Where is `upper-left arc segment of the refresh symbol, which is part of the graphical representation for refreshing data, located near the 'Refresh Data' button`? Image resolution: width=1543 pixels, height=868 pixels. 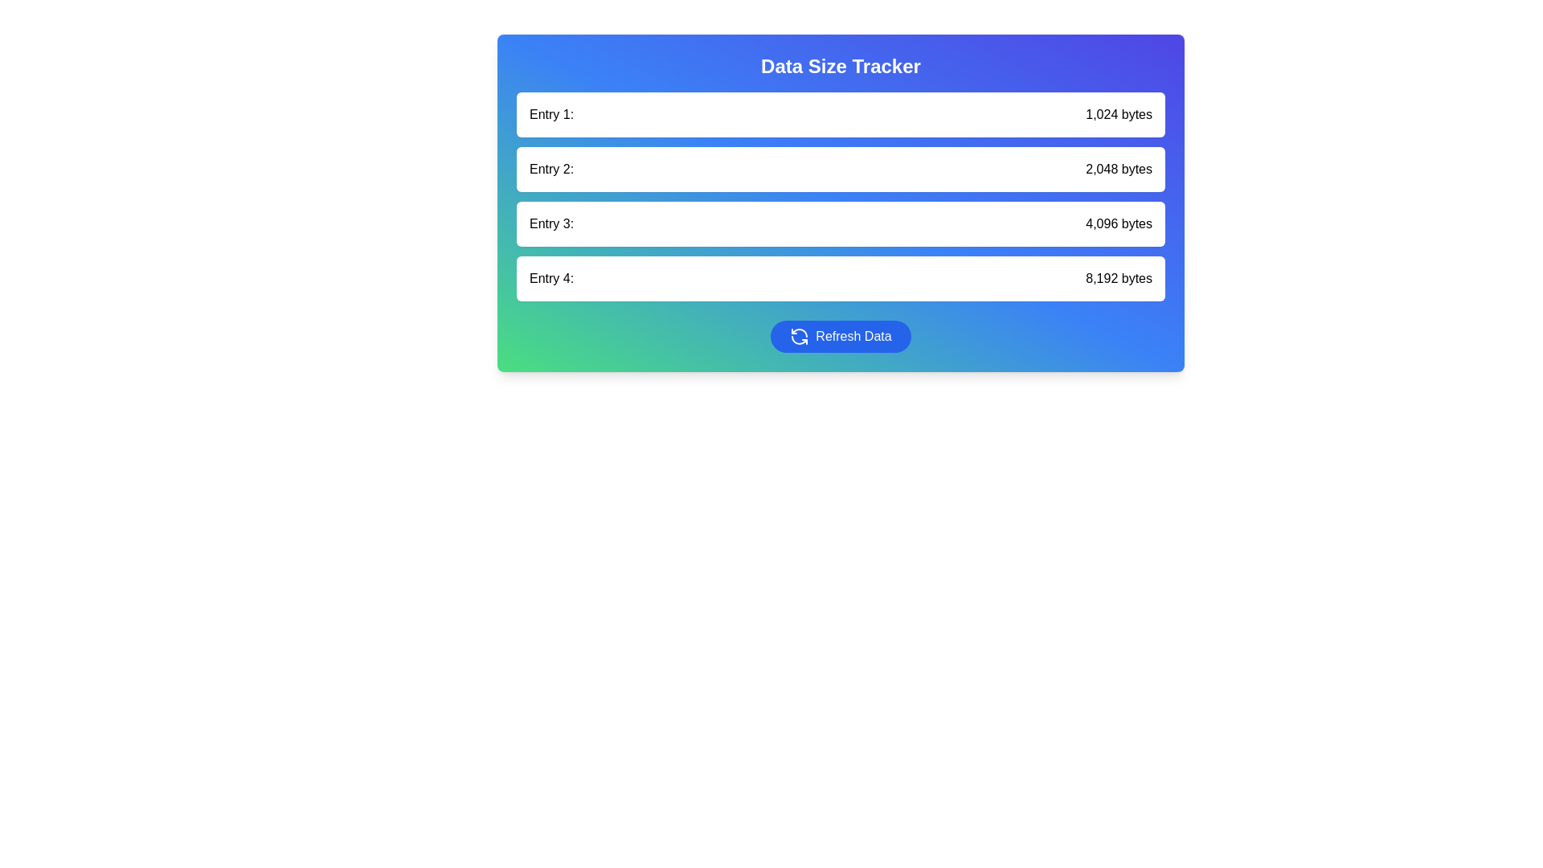
upper-left arc segment of the refresh symbol, which is part of the graphical representation for refreshing data, located near the 'Refresh Data' button is located at coordinates (800, 332).